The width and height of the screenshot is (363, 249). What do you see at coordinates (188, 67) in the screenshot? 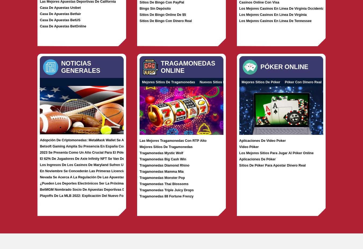
I see `'Tragamonedas Online'` at bounding box center [188, 67].